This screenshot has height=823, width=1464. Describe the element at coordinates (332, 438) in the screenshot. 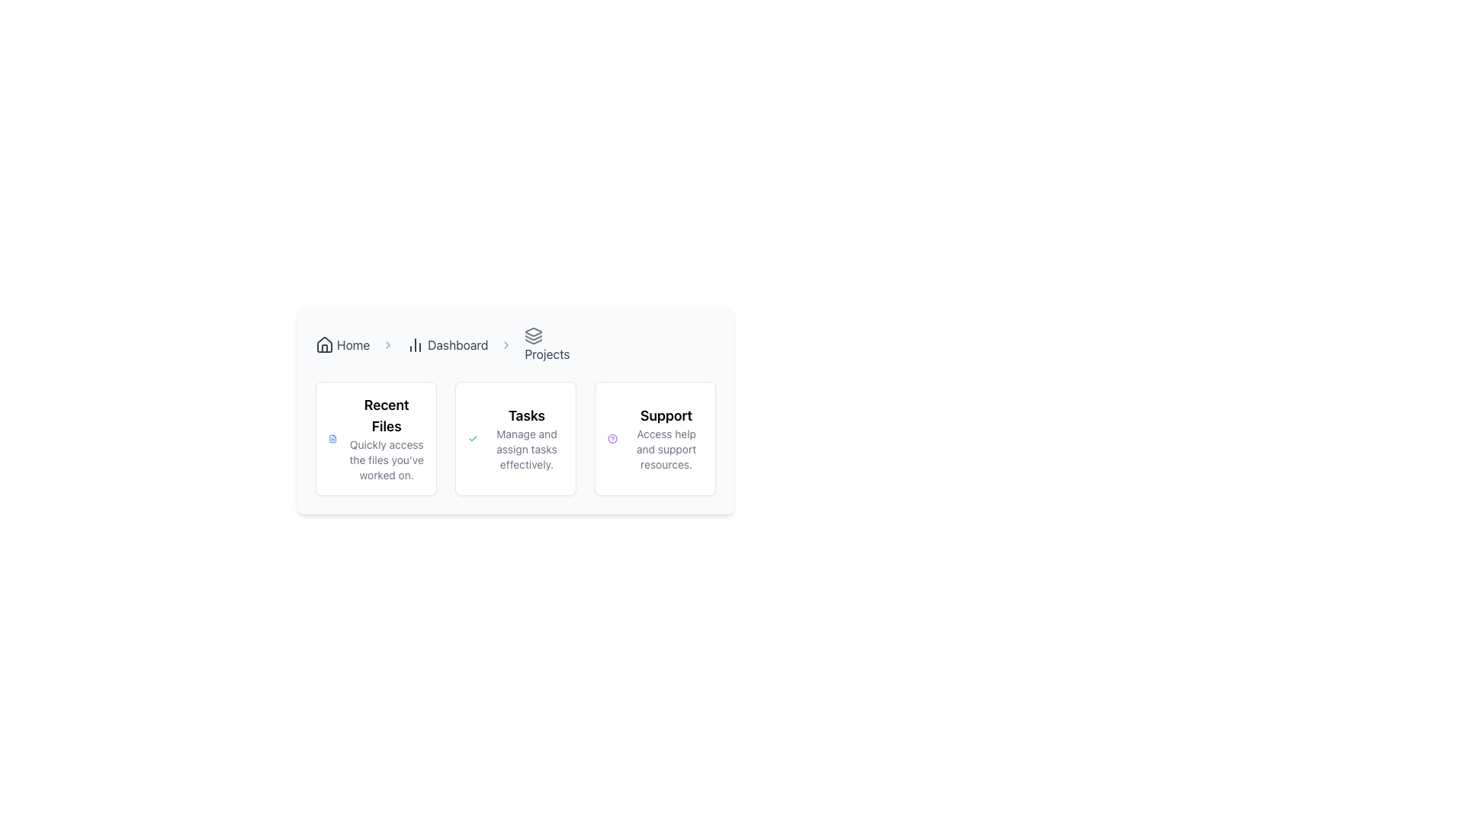

I see `the decorative icon in the 'Recent Files' card, which is positioned at the top-left corner above the text 'Recent Files'` at that location.